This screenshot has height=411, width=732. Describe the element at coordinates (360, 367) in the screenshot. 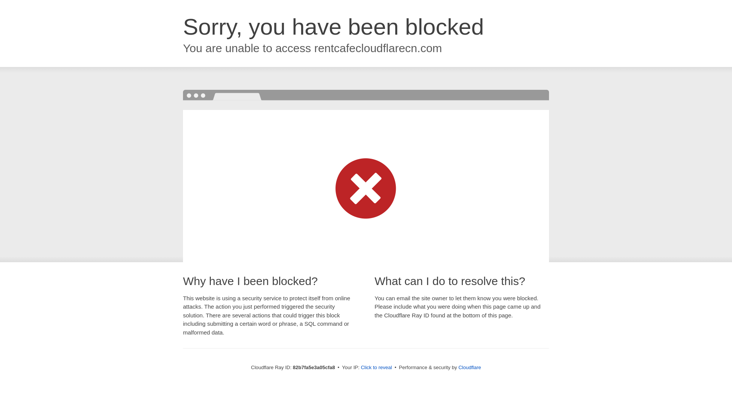

I see `'Click to reveal'` at that location.